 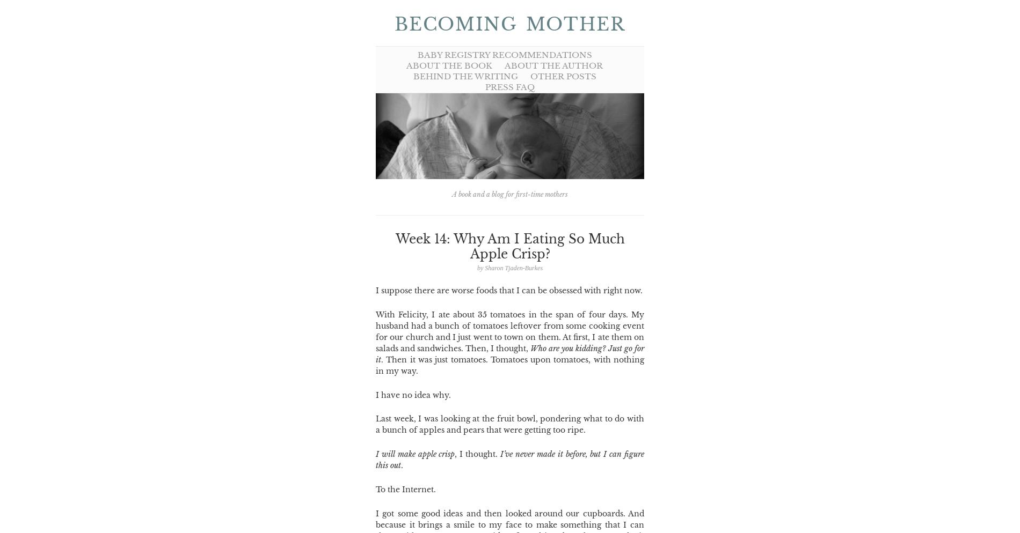 I want to click on 'by', so click(x=480, y=268).